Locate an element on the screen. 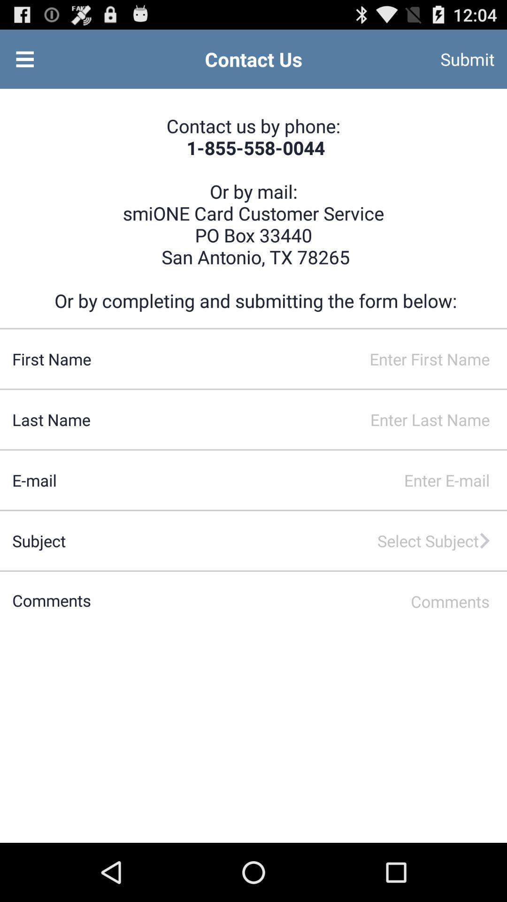 The image size is (507, 902). selects the subject is located at coordinates (280, 541).